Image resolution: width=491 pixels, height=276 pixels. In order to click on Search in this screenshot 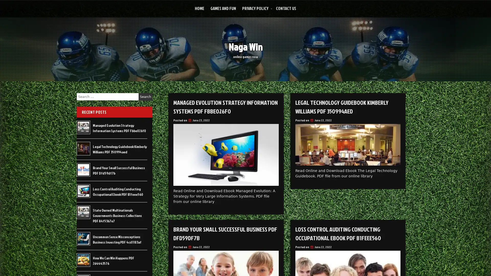, I will do `click(145, 97)`.